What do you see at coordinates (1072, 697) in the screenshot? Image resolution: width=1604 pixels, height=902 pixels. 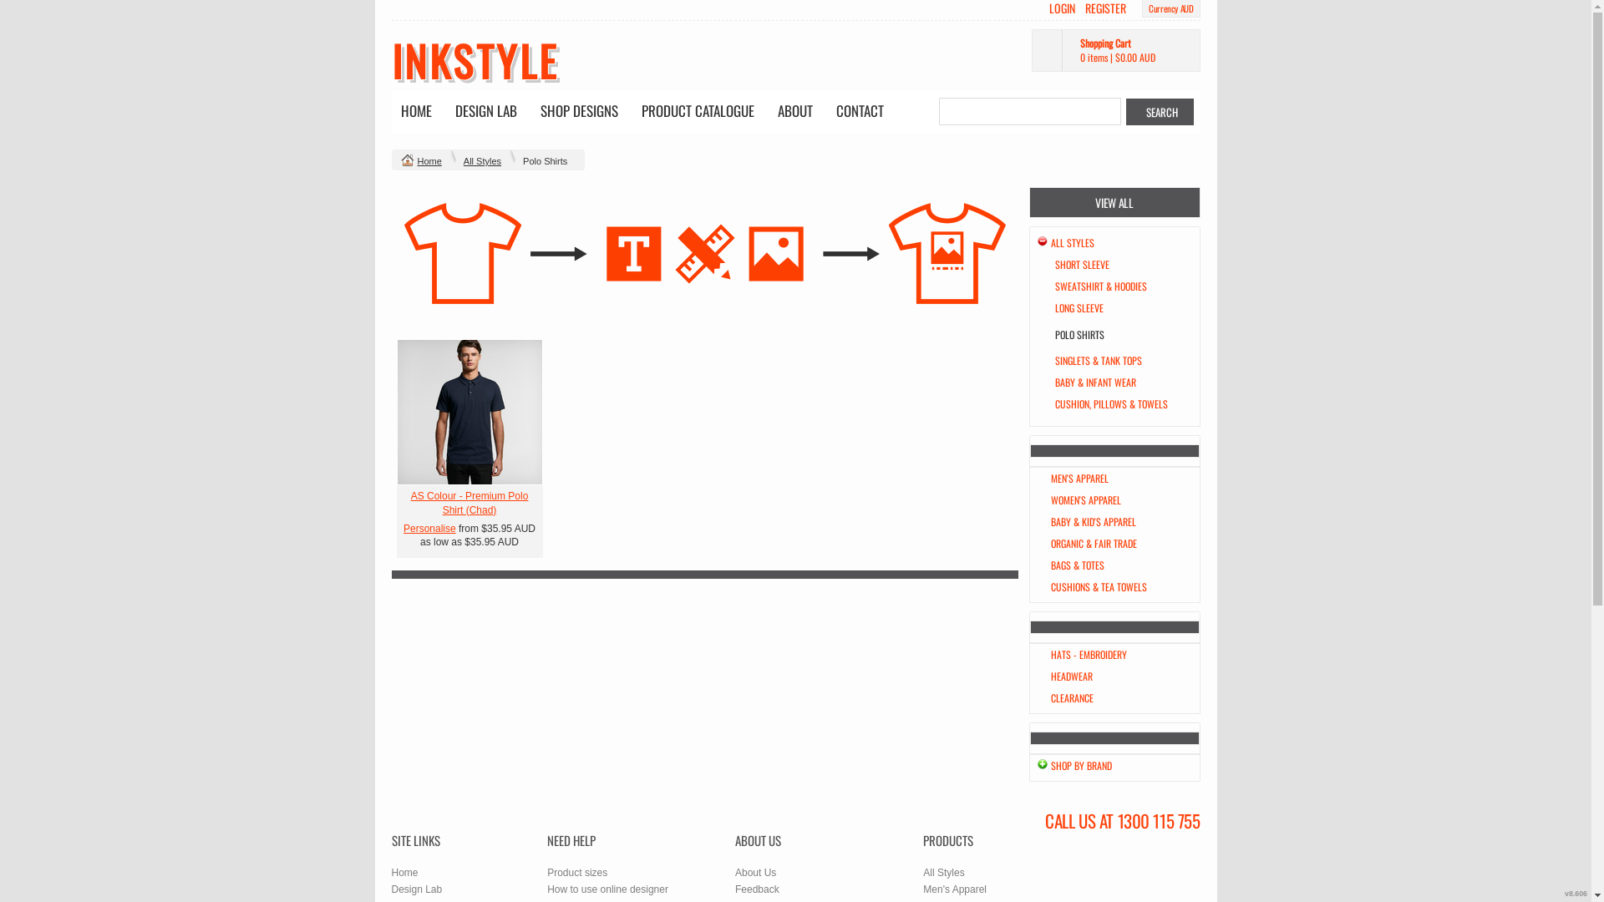 I see `'CLEARANCE'` at bounding box center [1072, 697].